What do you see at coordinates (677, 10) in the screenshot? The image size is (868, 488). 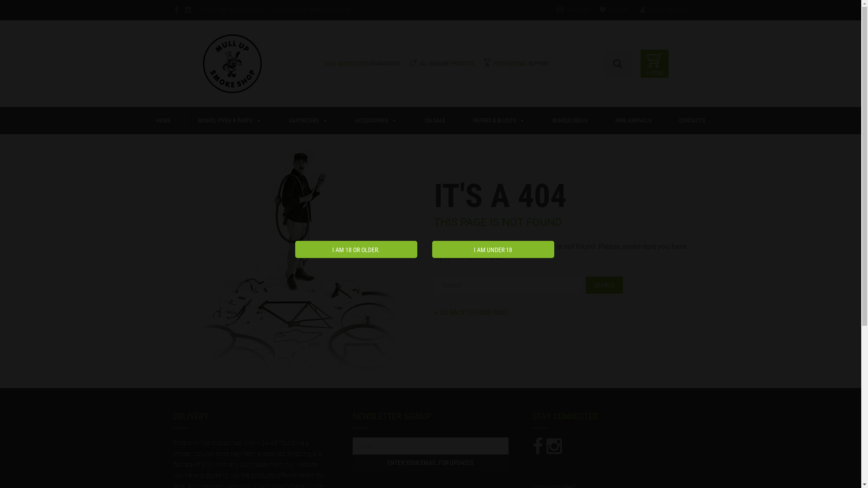 I see `'REGISTER'` at bounding box center [677, 10].